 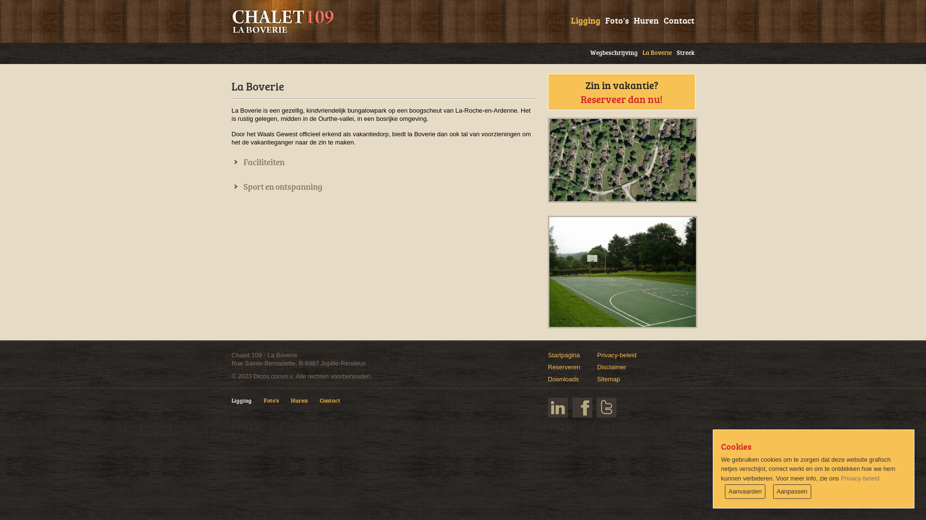 What do you see at coordinates (258, 161) in the screenshot?
I see `'Faciliteiten'` at bounding box center [258, 161].